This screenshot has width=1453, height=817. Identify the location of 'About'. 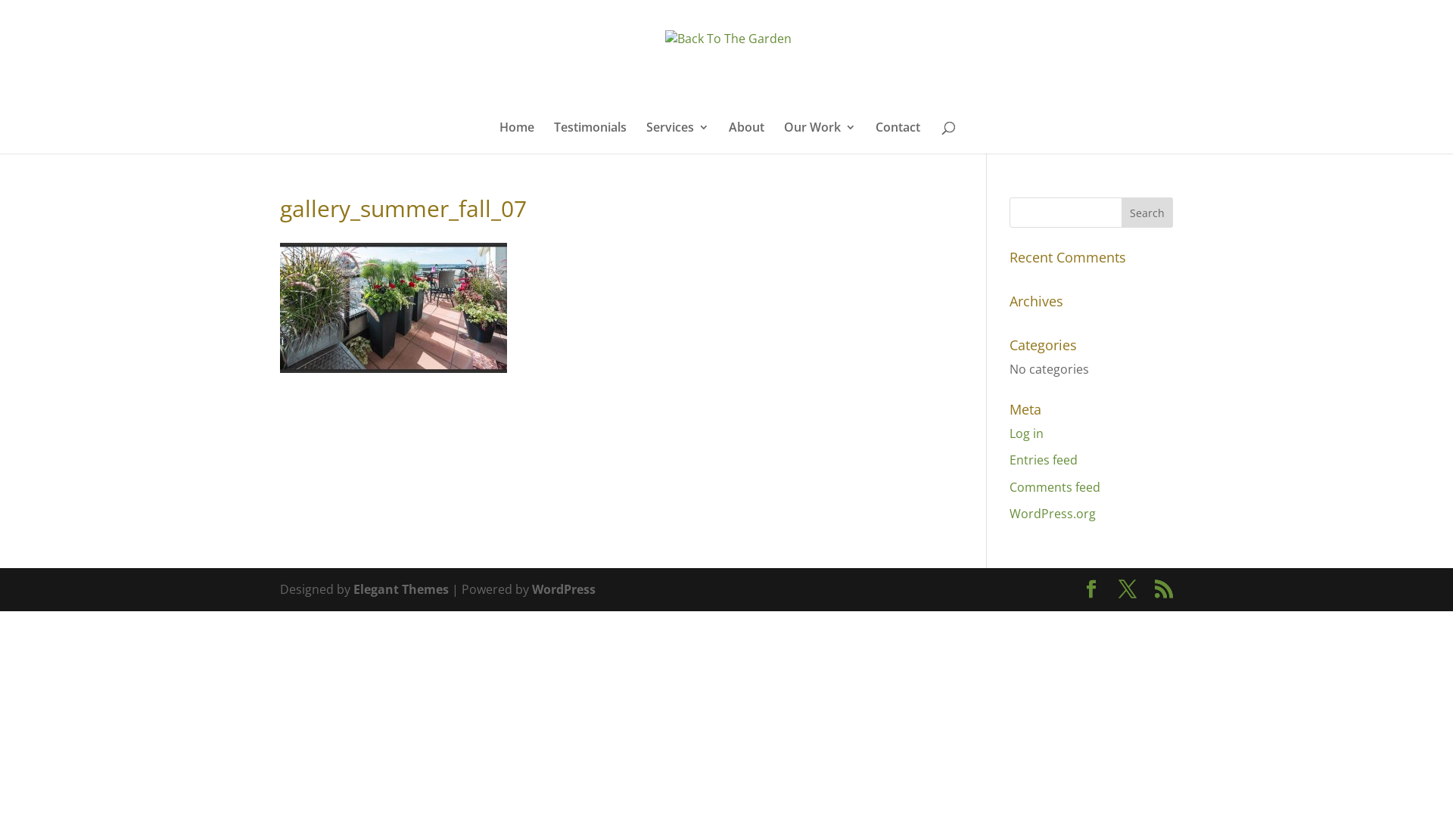
(746, 137).